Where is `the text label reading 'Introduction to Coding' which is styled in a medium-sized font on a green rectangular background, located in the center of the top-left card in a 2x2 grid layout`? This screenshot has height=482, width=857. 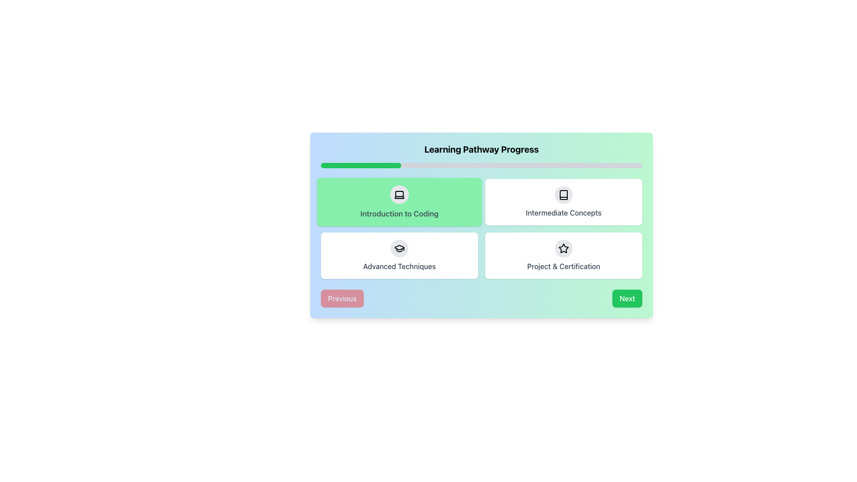
the text label reading 'Introduction to Coding' which is styled in a medium-sized font on a green rectangular background, located in the center of the top-left card in a 2x2 grid layout is located at coordinates (399, 213).